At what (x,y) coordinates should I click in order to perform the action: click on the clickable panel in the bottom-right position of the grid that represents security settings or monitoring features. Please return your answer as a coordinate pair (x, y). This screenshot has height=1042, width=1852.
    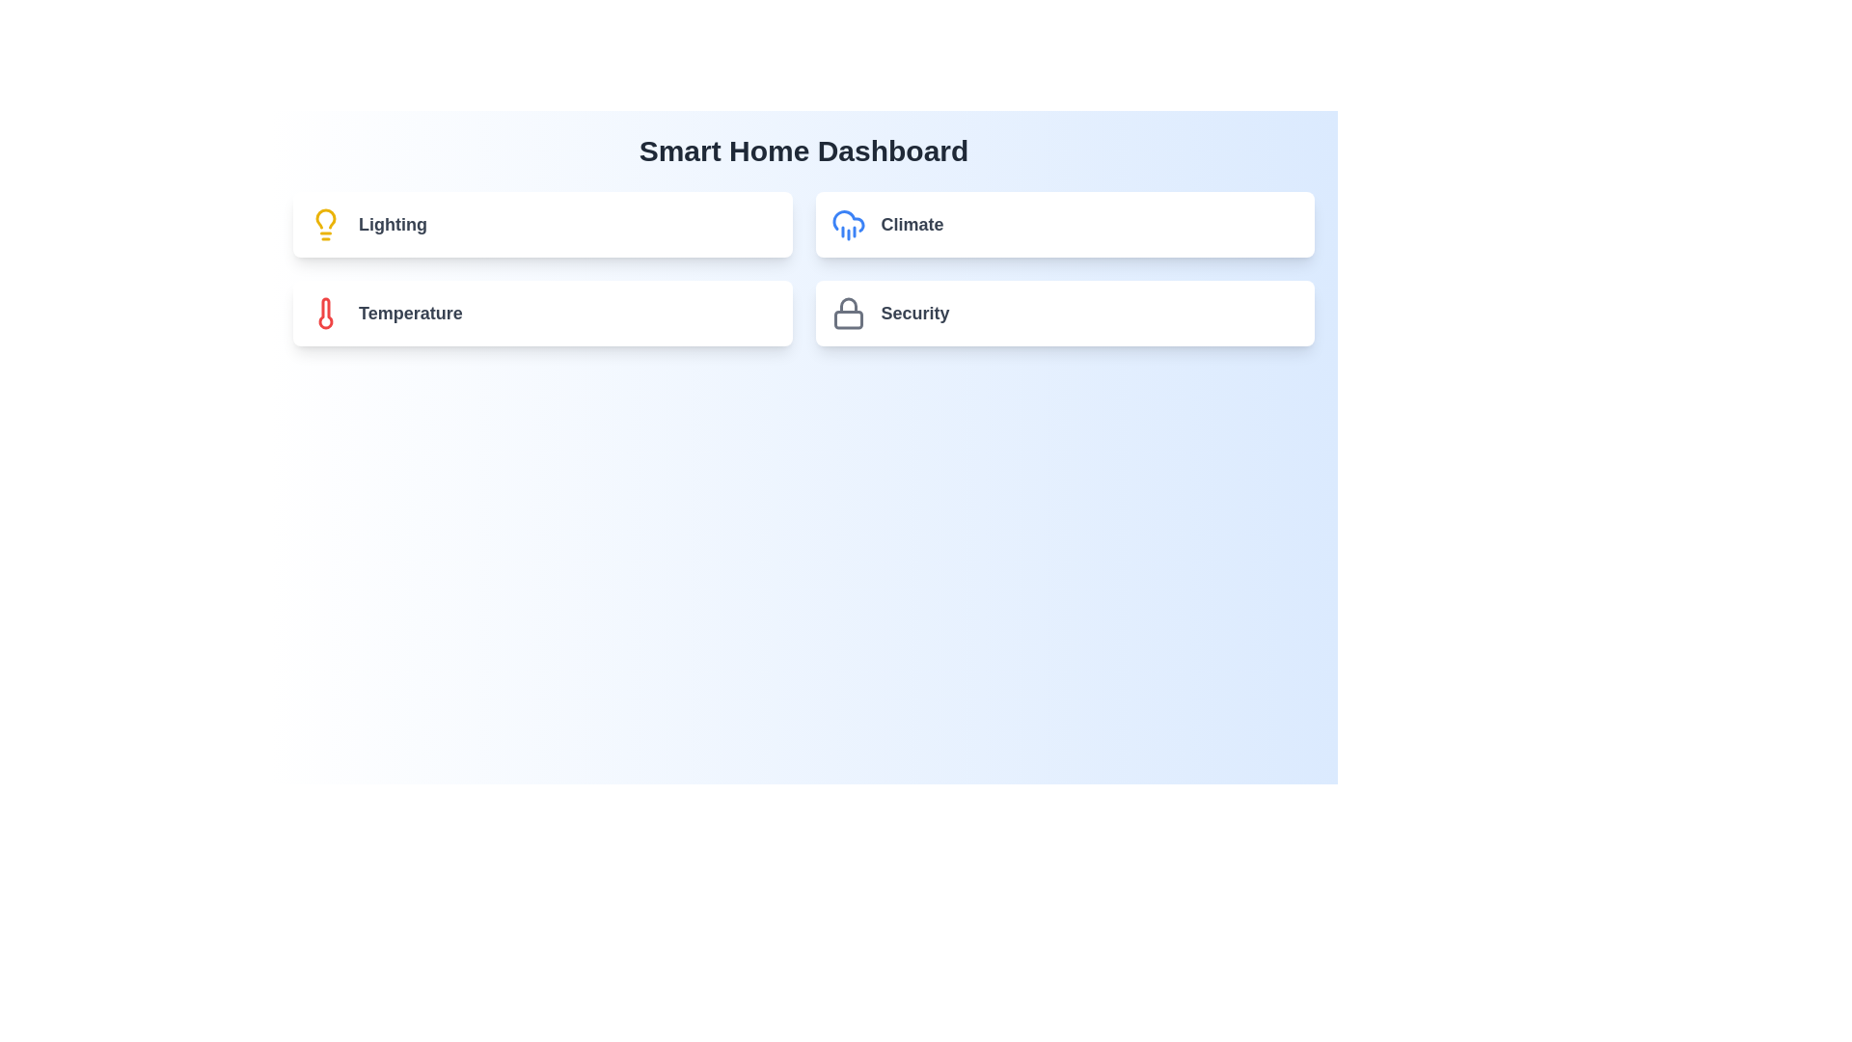
    Looking at the image, I should click on (1064, 312).